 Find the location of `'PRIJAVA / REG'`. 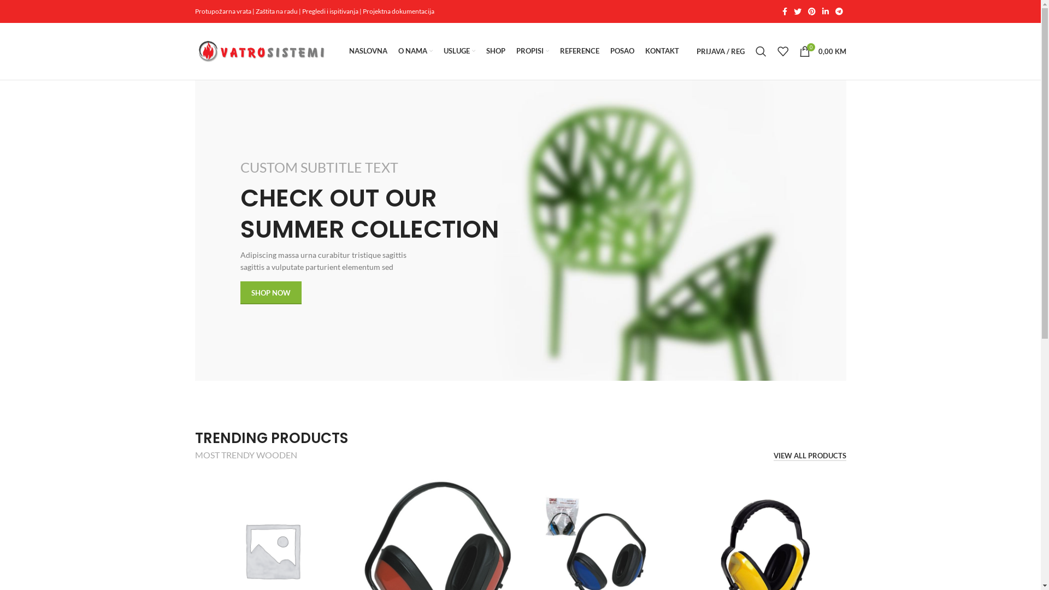

'PRIJAVA / REG' is located at coordinates (689, 51).